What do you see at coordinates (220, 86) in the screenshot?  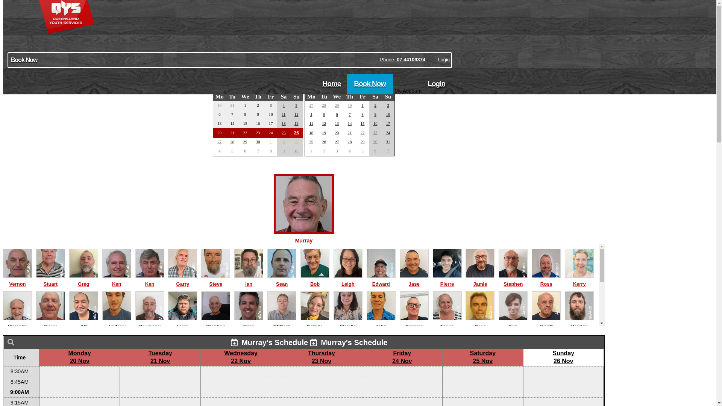 I see `'Oct'` at bounding box center [220, 86].